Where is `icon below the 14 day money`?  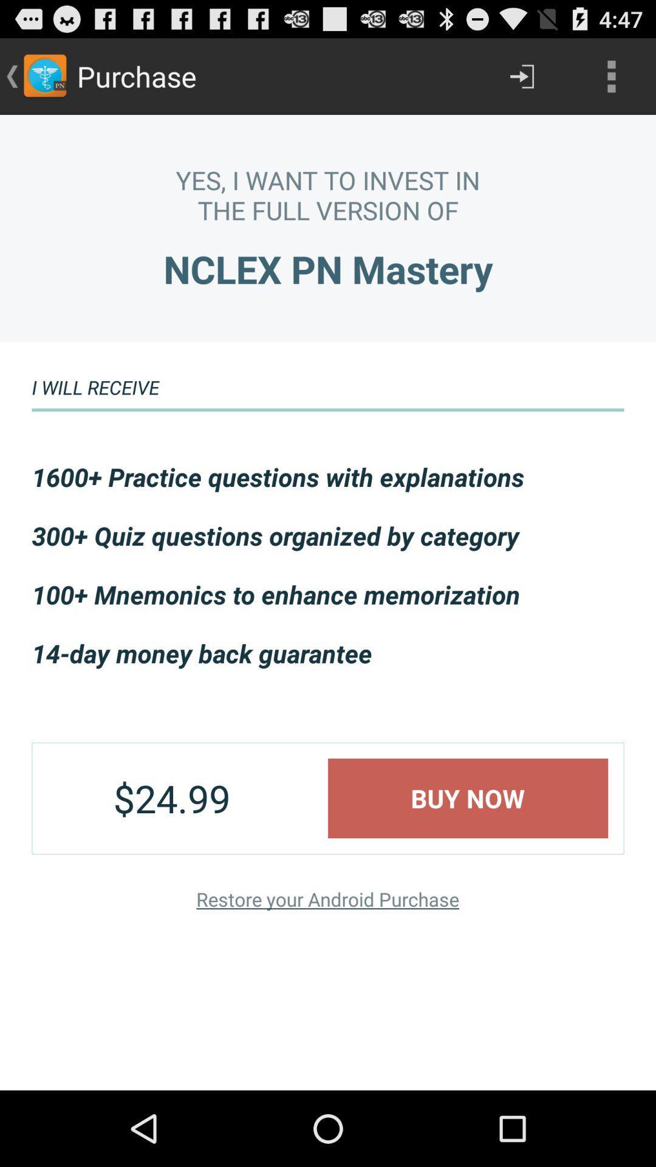
icon below the 14 day money is located at coordinates (467, 798).